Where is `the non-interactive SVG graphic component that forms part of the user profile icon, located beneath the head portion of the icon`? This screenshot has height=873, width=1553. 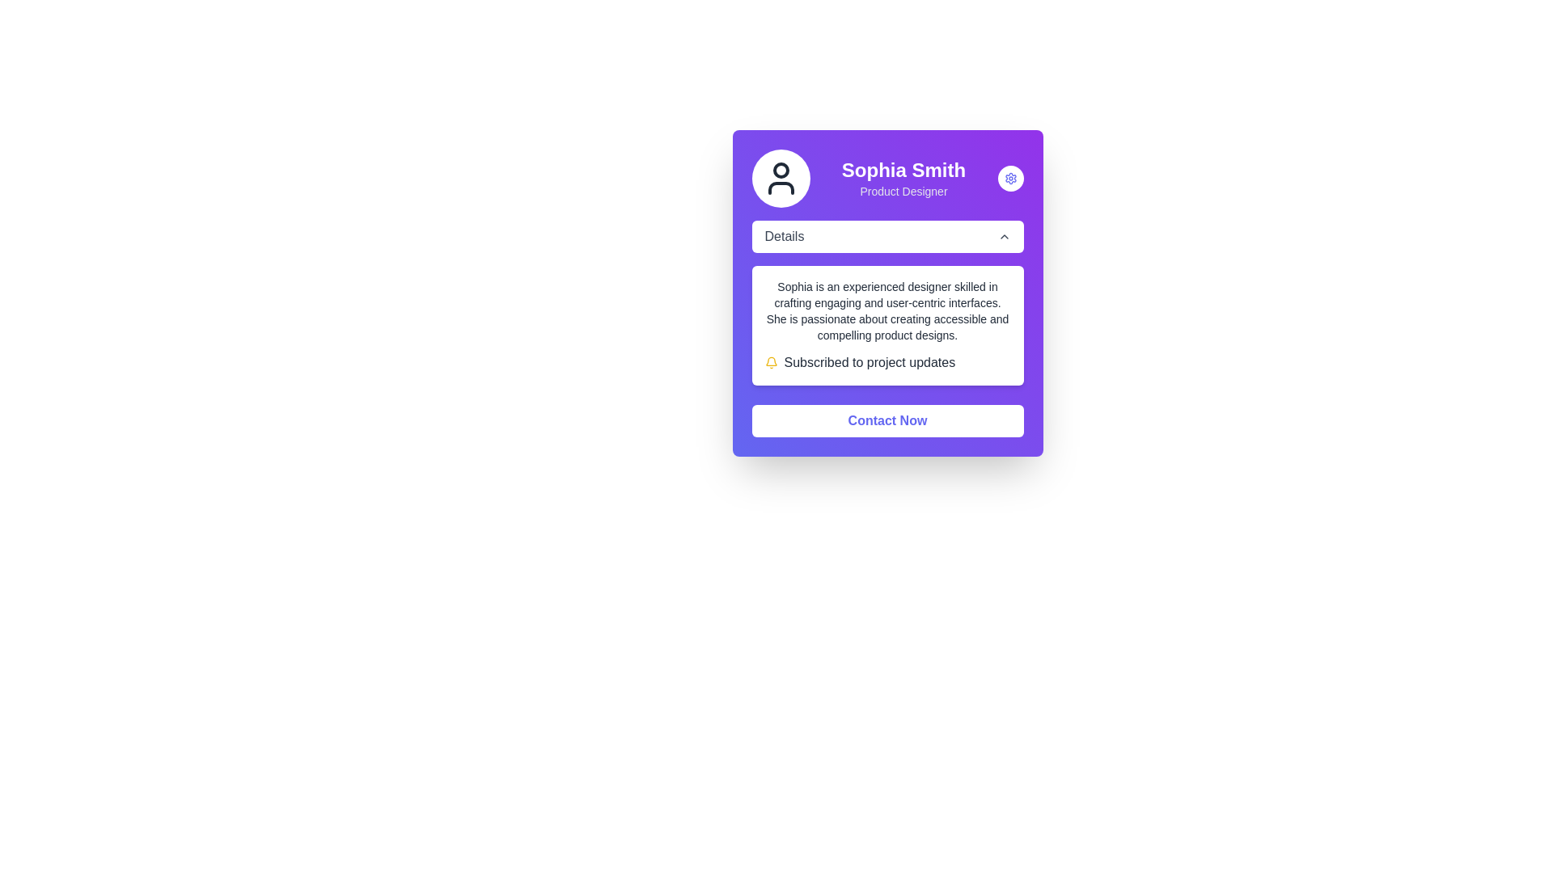 the non-interactive SVG graphic component that forms part of the user profile icon, located beneath the head portion of the icon is located at coordinates (781, 187).